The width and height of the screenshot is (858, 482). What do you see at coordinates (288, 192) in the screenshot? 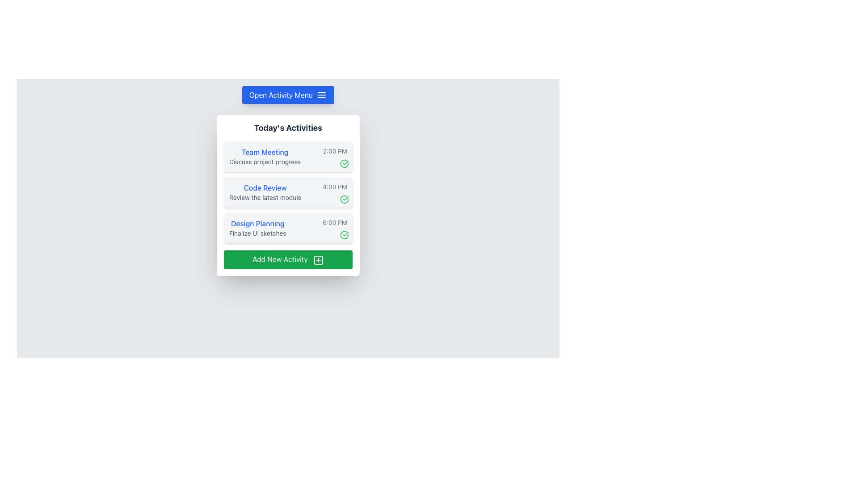
I see `the 'Code Review' list item, which is styled as a rectangular block with a light gray background and contains bold blue text` at bounding box center [288, 192].